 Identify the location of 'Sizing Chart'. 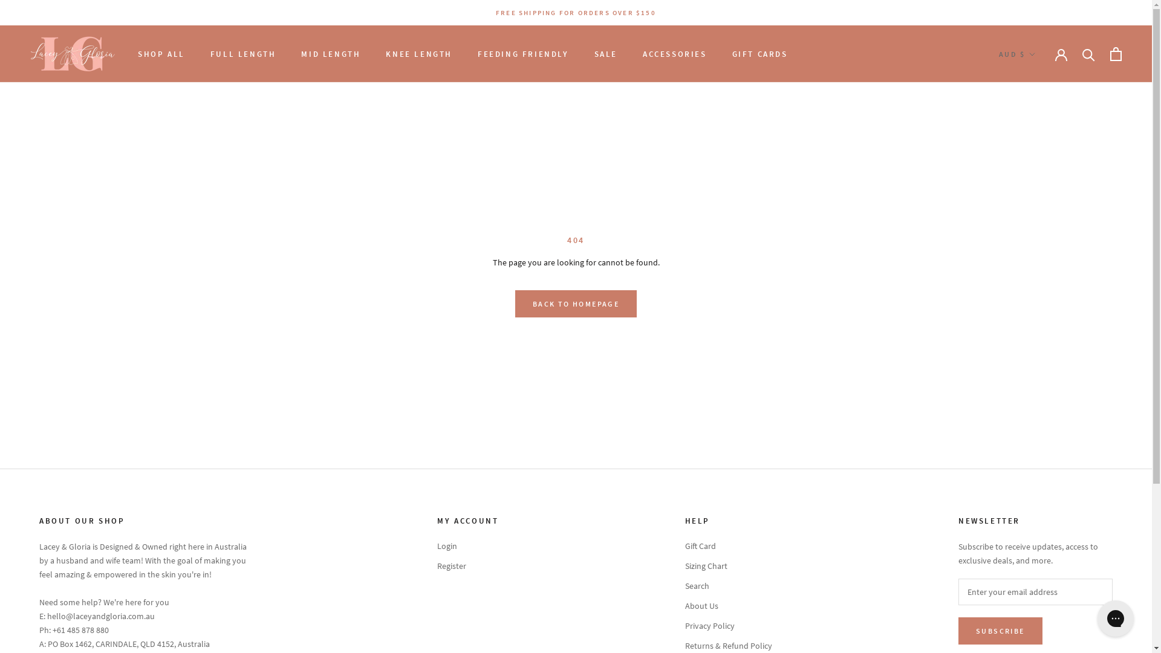
(685, 566).